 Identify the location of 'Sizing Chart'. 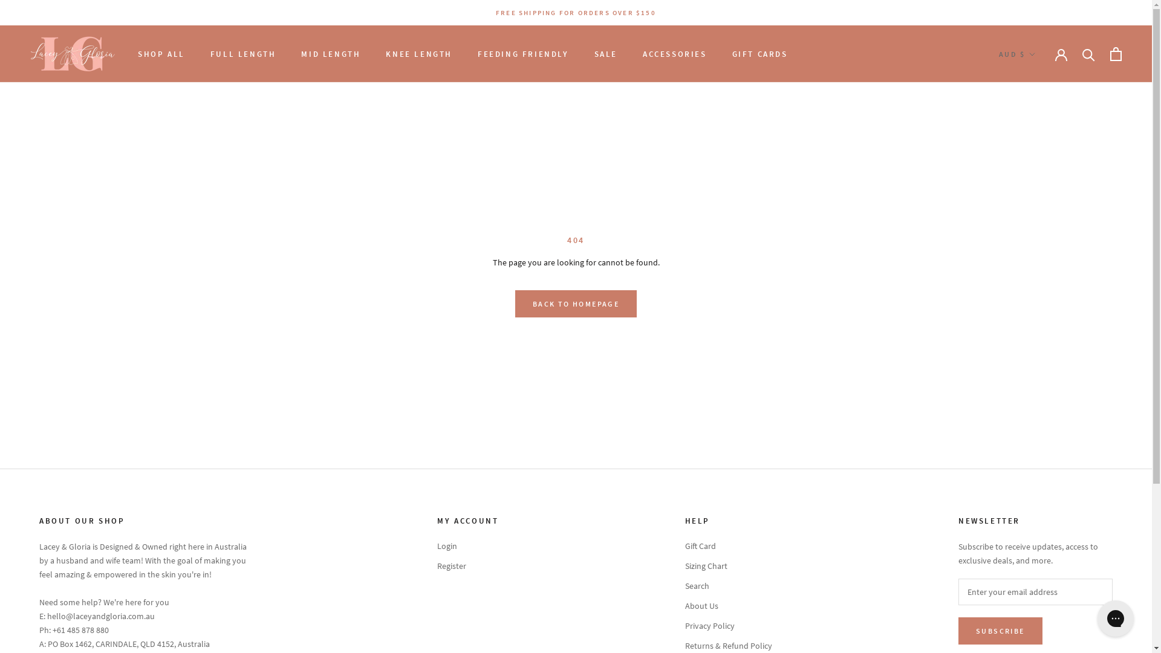
(685, 566).